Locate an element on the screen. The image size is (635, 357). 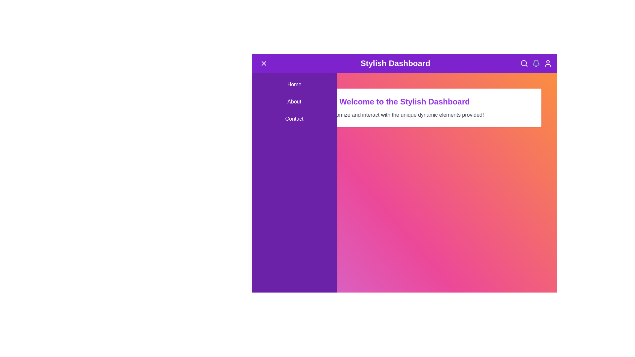
the menu item Contact is located at coordinates (294, 118).